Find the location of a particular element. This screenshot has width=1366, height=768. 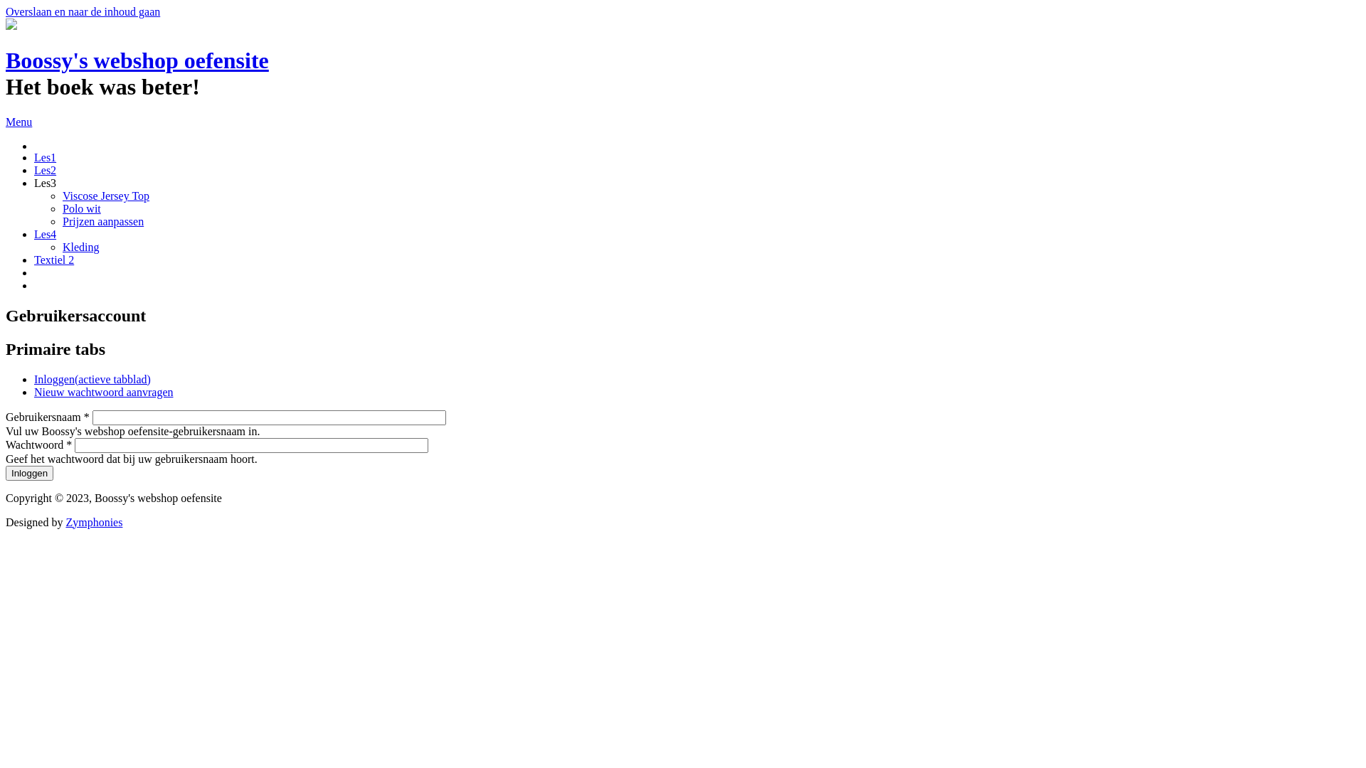

'Viscose Jersey Top' is located at coordinates (105, 196).